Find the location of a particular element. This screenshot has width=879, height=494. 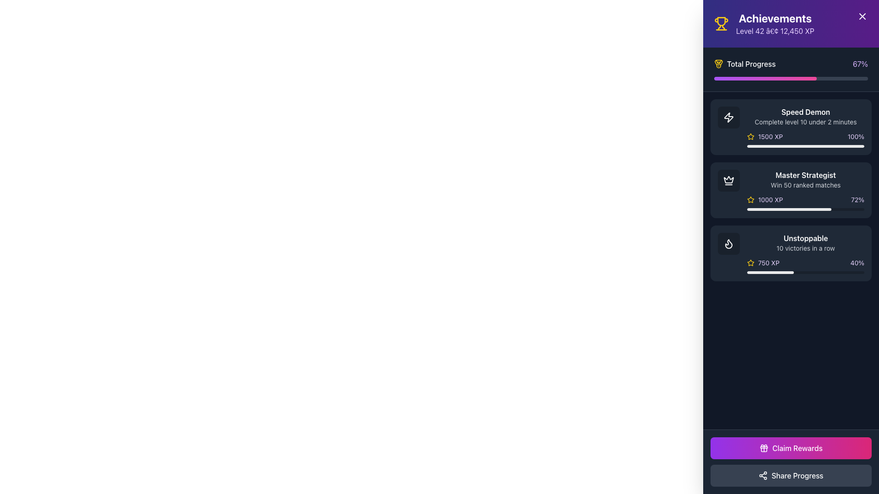

the achievements icon located in the top header of the 'Achievements' section, positioned to the left of the text title 'Achievements' is located at coordinates (721, 23).